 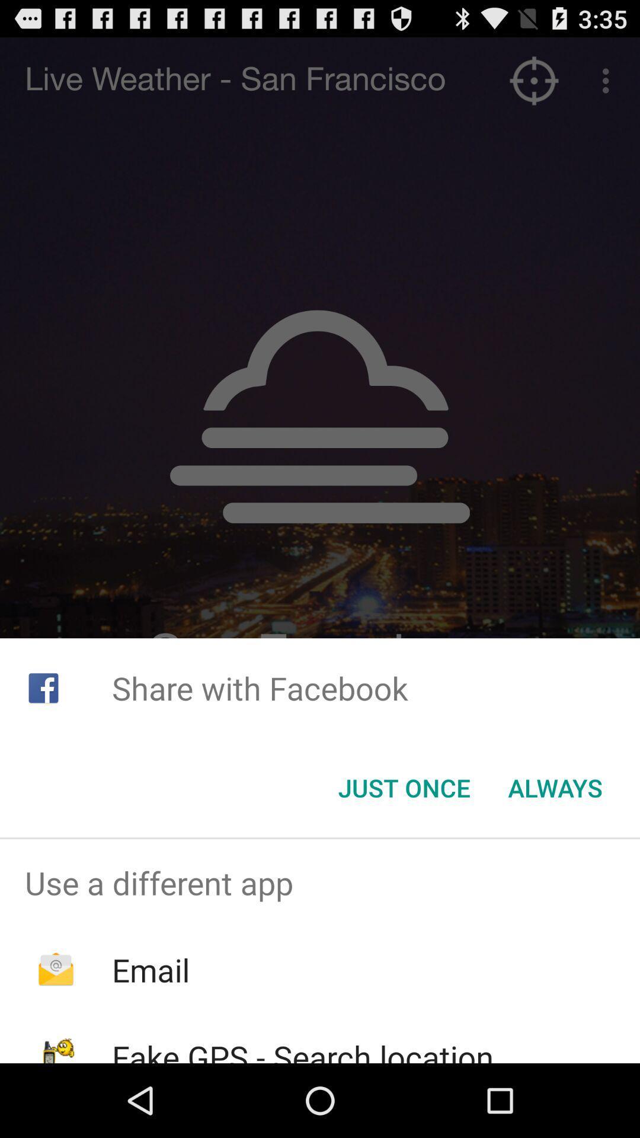 What do you see at coordinates (302, 1049) in the screenshot?
I see `the fake gps search icon` at bounding box center [302, 1049].